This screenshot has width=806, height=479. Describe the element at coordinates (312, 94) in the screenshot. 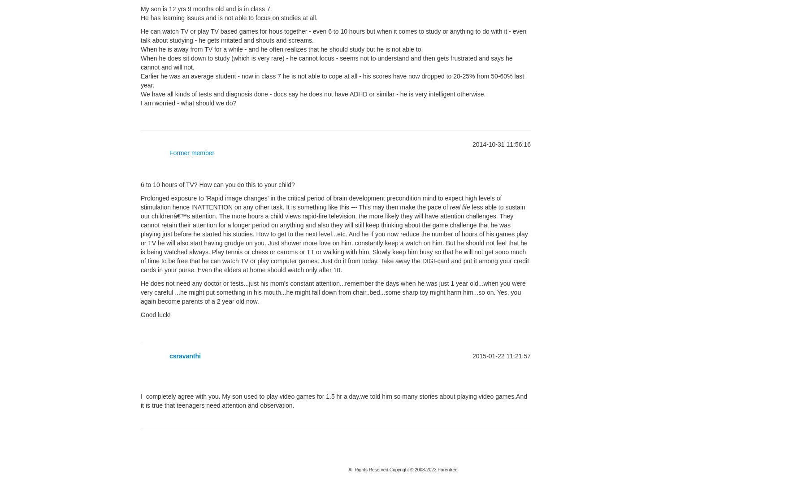

I see `'We have all kinds of tests and diagnosis done - docs say he does not have ADHD or similar - he is very intelligent otherwise.'` at that location.